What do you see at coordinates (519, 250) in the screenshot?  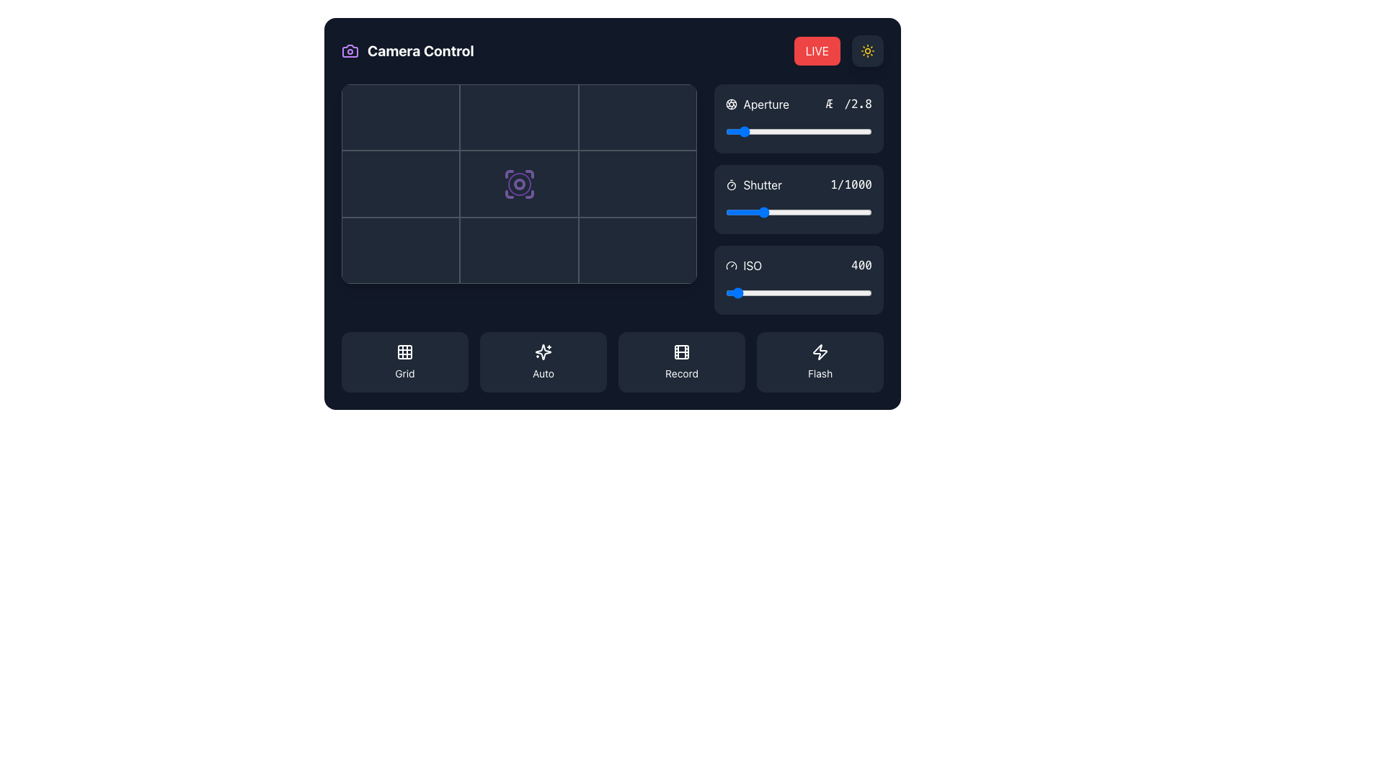 I see `the clickable grid cell located in the bottom-middle position of the grid layout` at bounding box center [519, 250].